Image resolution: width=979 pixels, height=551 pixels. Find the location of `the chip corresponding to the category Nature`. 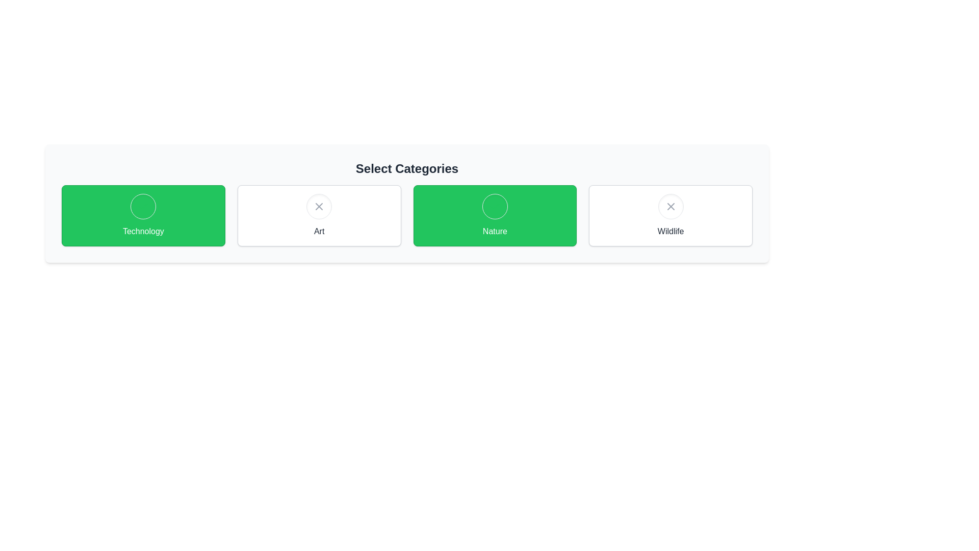

the chip corresponding to the category Nature is located at coordinates (495, 215).